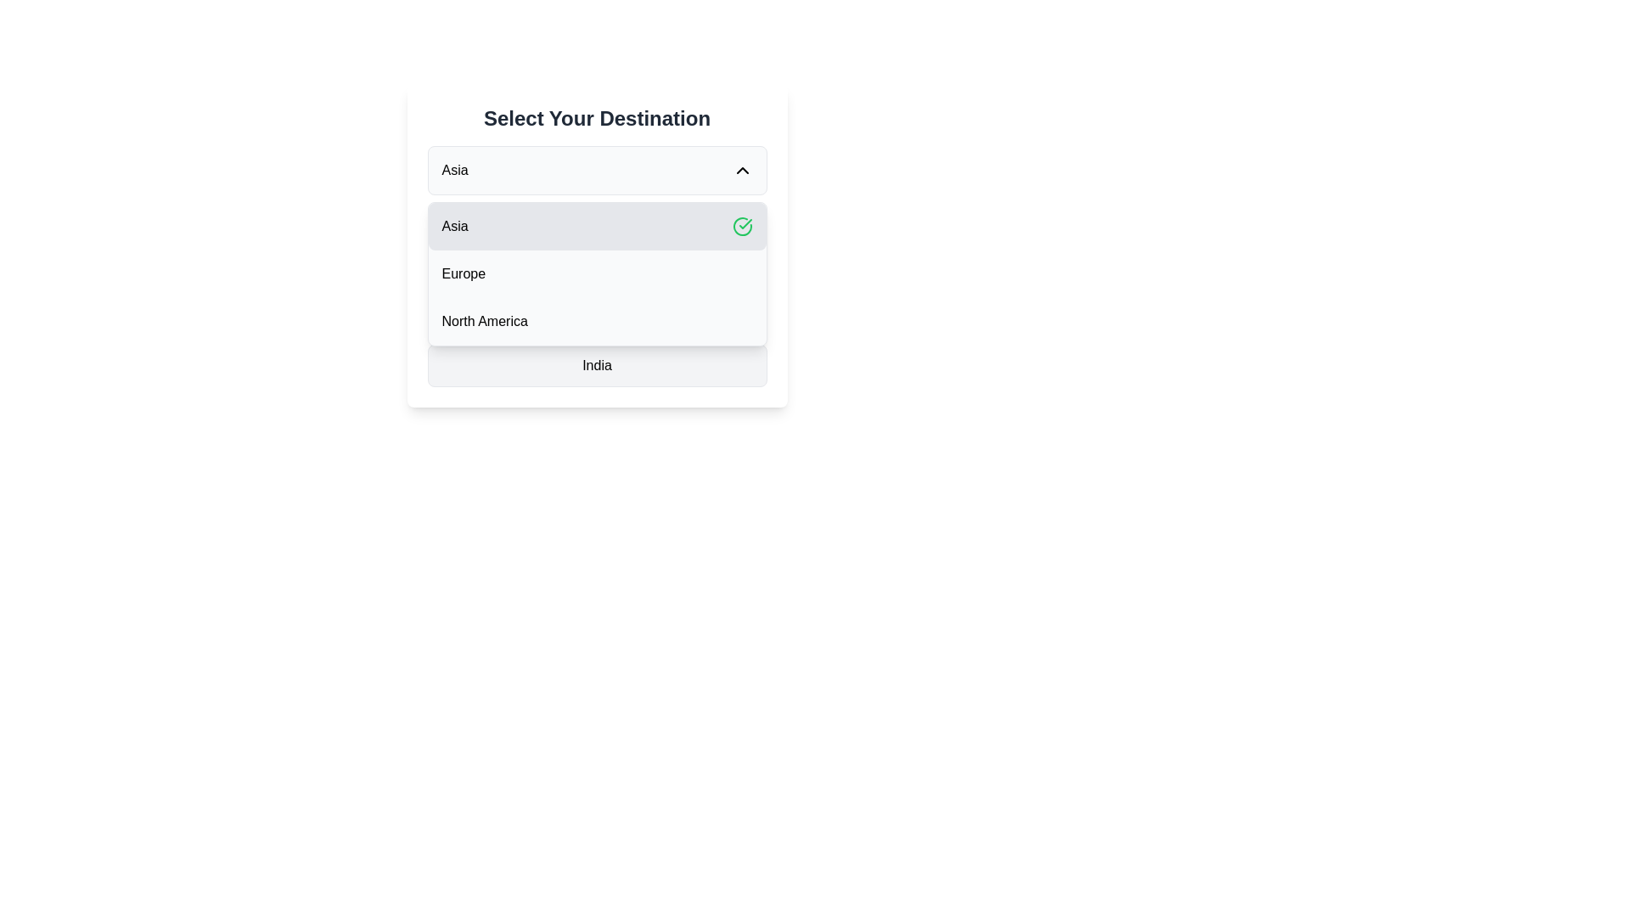 The width and height of the screenshot is (1630, 917). Describe the element at coordinates (597, 273) in the screenshot. I see `the second item in the dropdown menu that represents 'Europe', which is located below 'Asia' and above 'North America'` at that location.